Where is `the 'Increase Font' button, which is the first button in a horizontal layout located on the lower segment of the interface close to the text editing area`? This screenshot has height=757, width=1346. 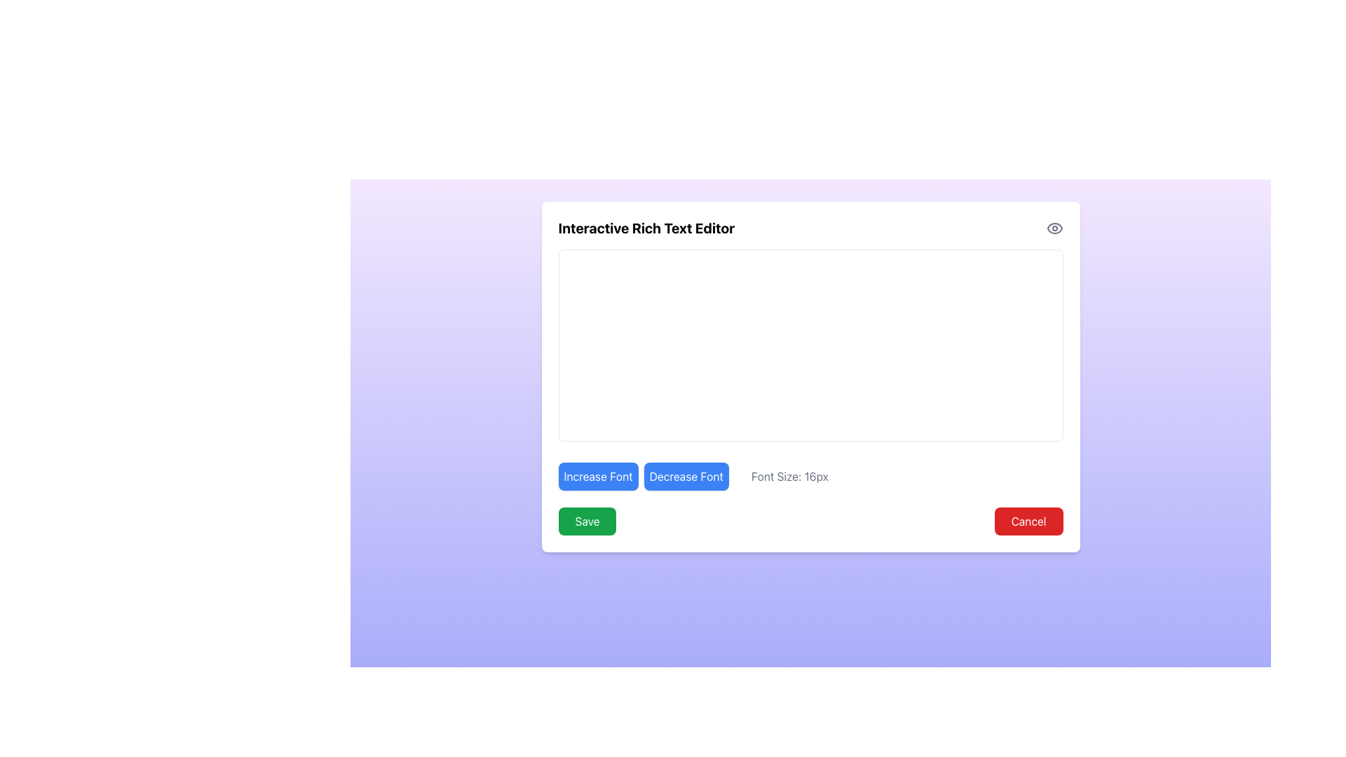
the 'Increase Font' button, which is the first button in a horizontal layout located on the lower segment of the interface close to the text editing area is located at coordinates (598, 475).